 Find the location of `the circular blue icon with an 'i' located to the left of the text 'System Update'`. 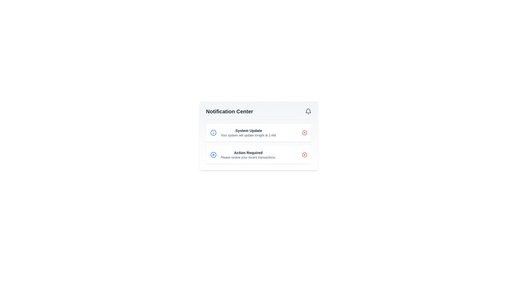

the circular blue icon with an 'i' located to the left of the text 'System Update' is located at coordinates (213, 133).